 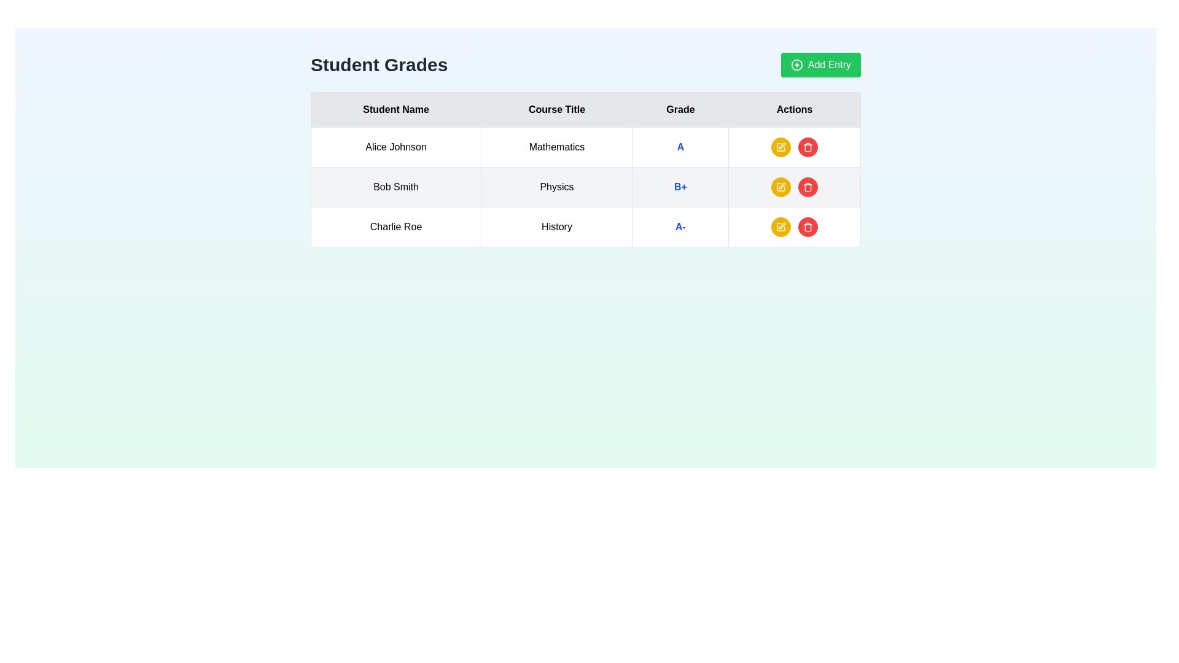 I want to click on the edit icon button located in the 'Actions' column of the second row of the table, so click(x=782, y=186).